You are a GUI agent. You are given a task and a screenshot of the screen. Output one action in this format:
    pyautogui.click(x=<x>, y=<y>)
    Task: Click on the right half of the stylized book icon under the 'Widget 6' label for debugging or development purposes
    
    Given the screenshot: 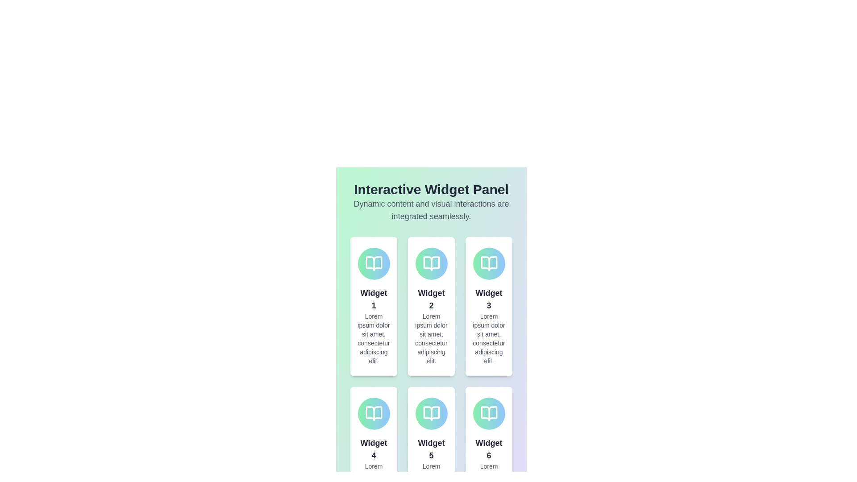 What is the action you would take?
    pyautogui.click(x=488, y=413)
    